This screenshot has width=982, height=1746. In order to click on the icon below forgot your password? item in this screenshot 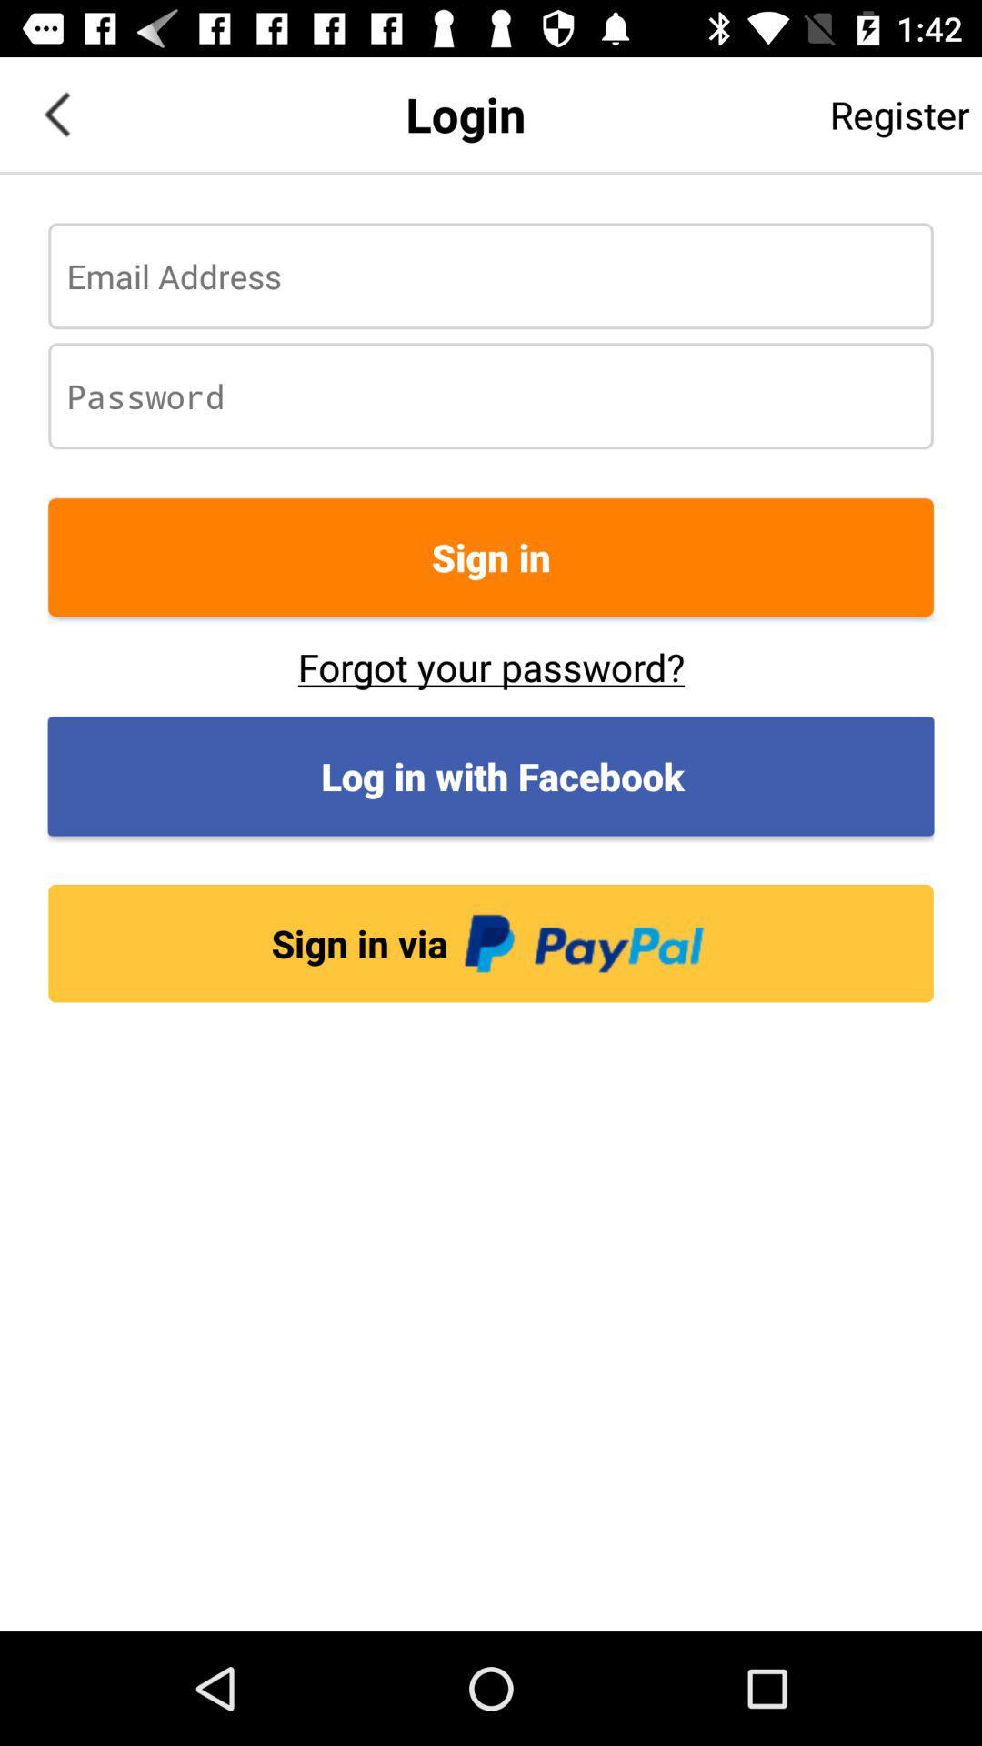, I will do `click(491, 776)`.